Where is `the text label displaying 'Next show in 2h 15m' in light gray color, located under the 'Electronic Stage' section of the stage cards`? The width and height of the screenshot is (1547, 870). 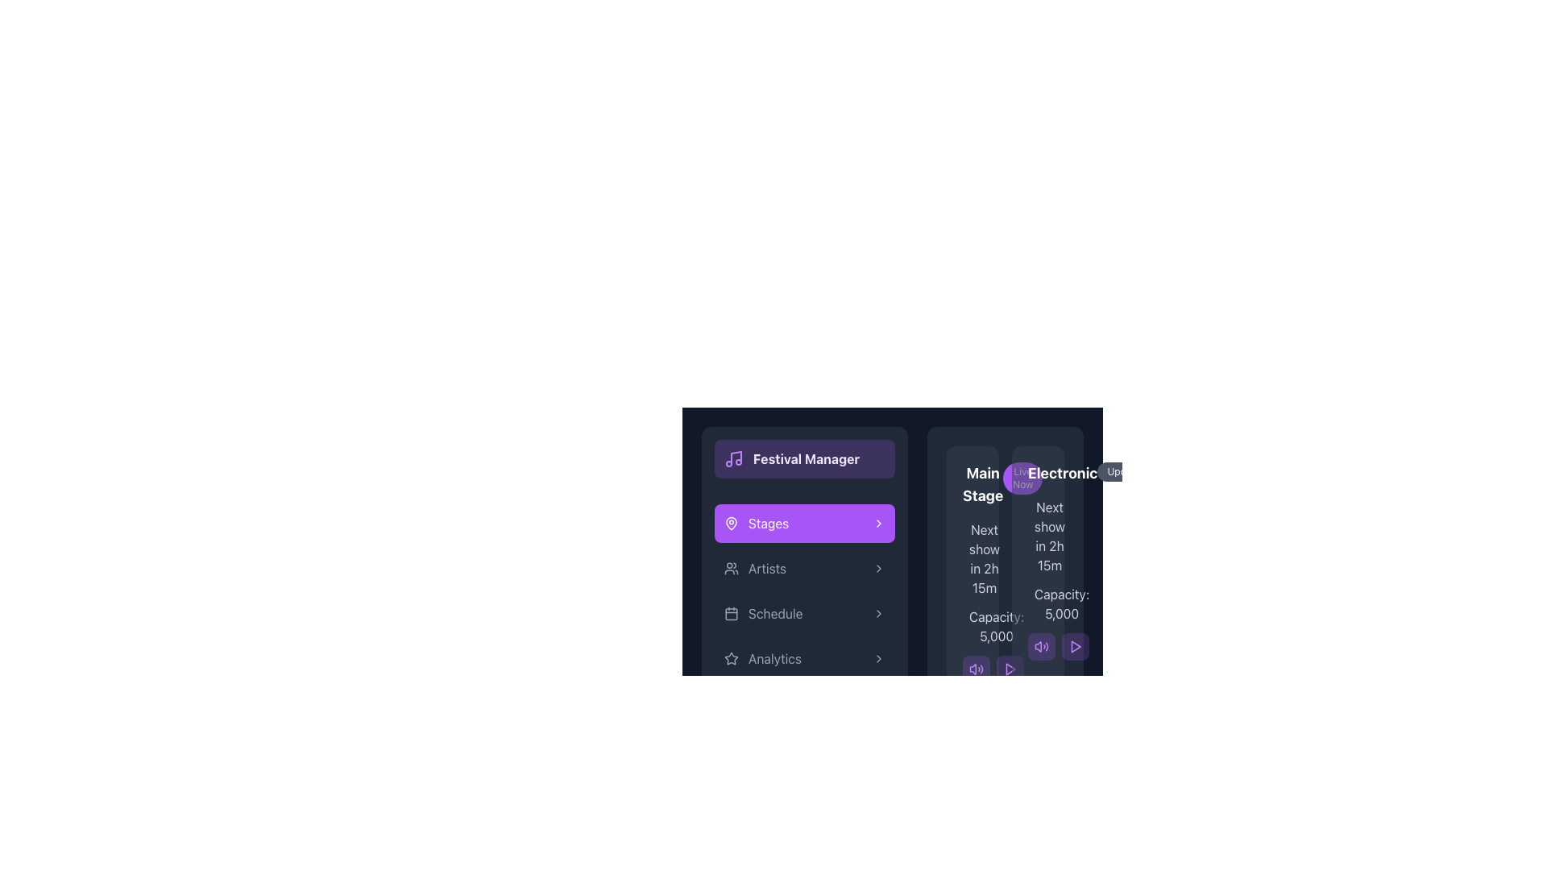 the text label displaying 'Next show in 2h 15m' in light gray color, located under the 'Electronic Stage' section of the stage cards is located at coordinates (1050, 536).